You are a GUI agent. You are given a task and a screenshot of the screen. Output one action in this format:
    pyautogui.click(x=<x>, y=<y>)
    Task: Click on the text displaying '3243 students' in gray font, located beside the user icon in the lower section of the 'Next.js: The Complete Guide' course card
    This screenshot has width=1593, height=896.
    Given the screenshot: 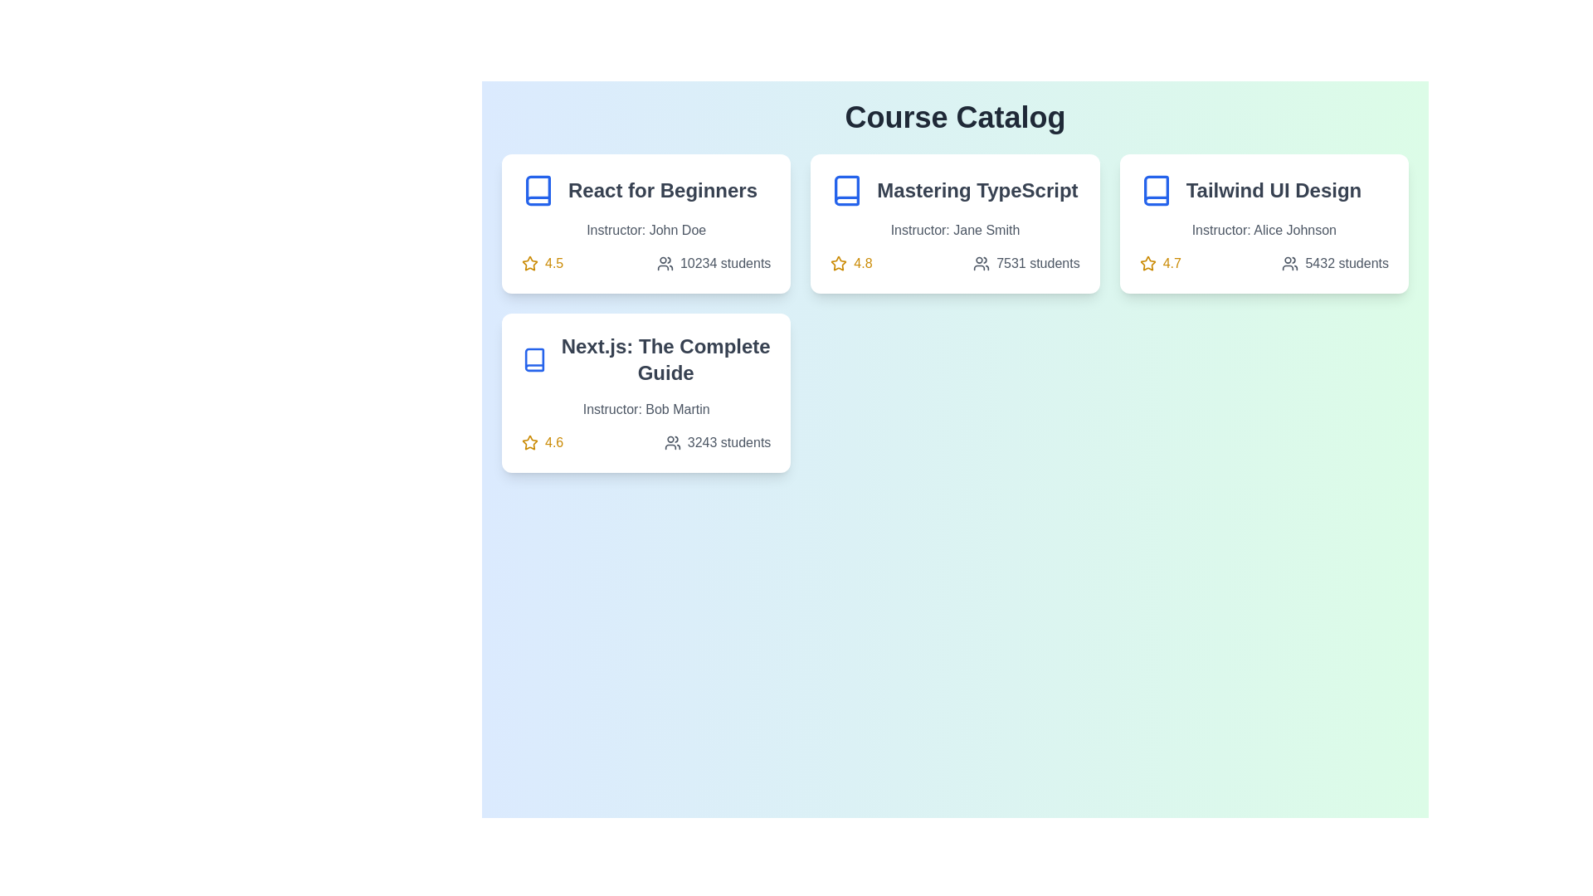 What is the action you would take?
    pyautogui.click(x=728, y=441)
    